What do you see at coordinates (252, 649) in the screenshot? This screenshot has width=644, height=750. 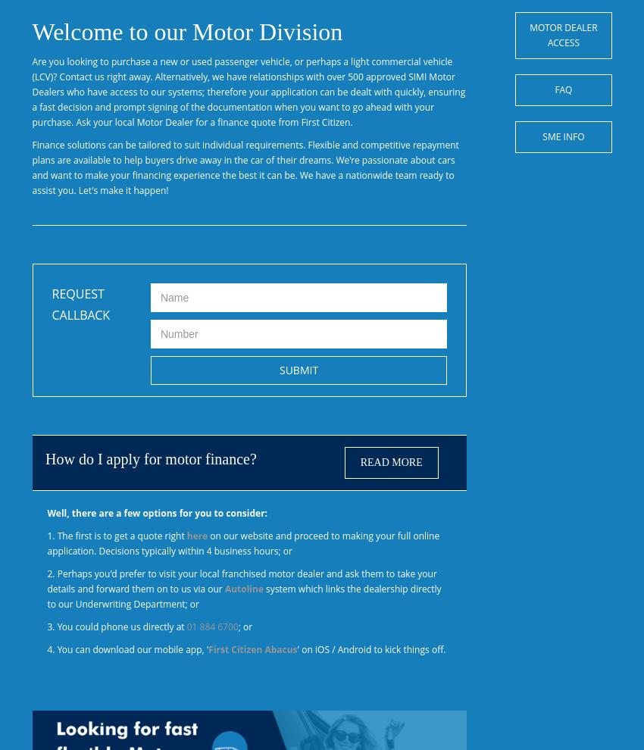 I see `'First Citizen Abacus'` at bounding box center [252, 649].